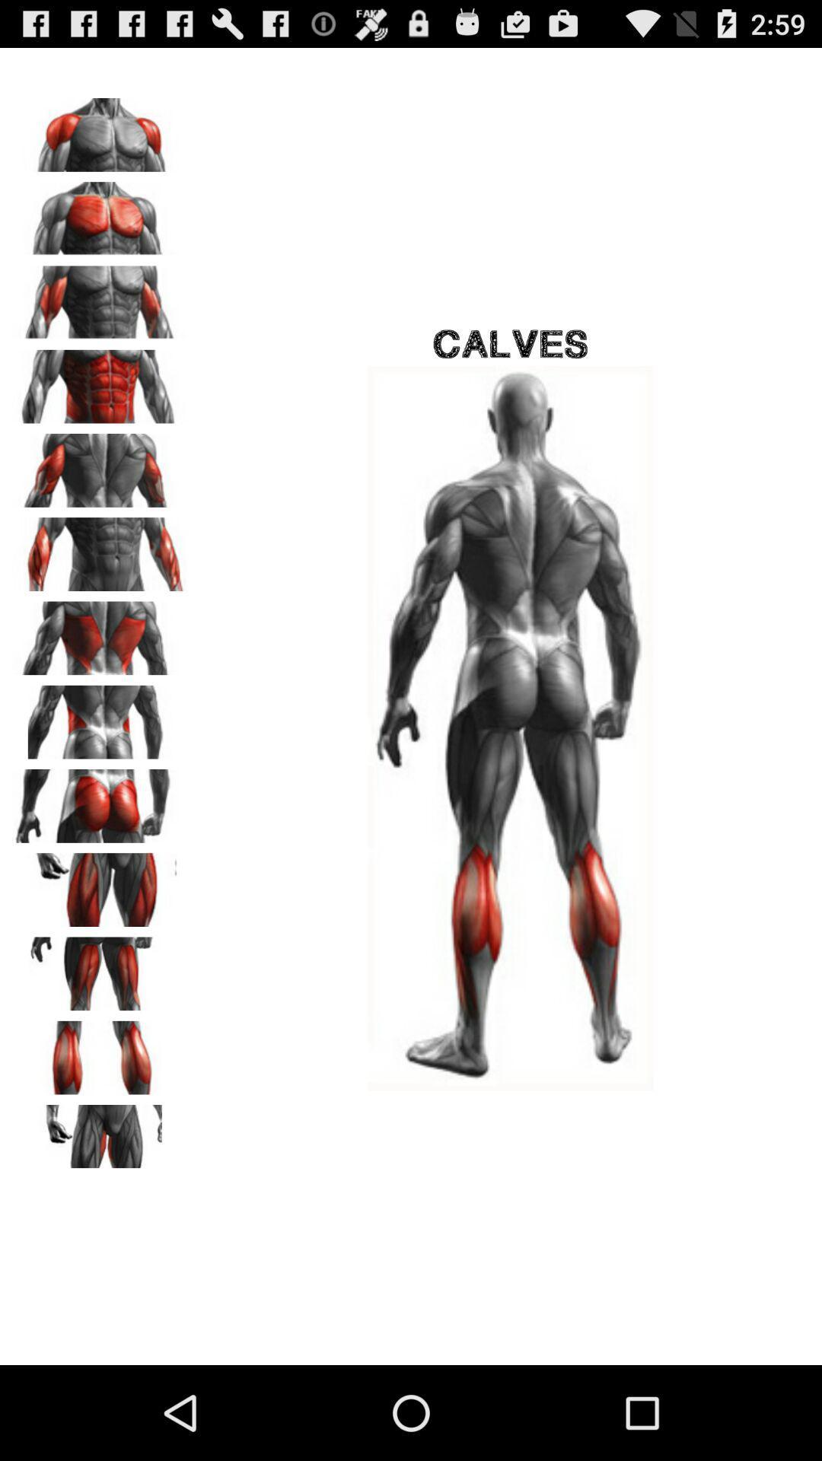  What do you see at coordinates (100, 548) in the screenshot?
I see `exercise` at bounding box center [100, 548].